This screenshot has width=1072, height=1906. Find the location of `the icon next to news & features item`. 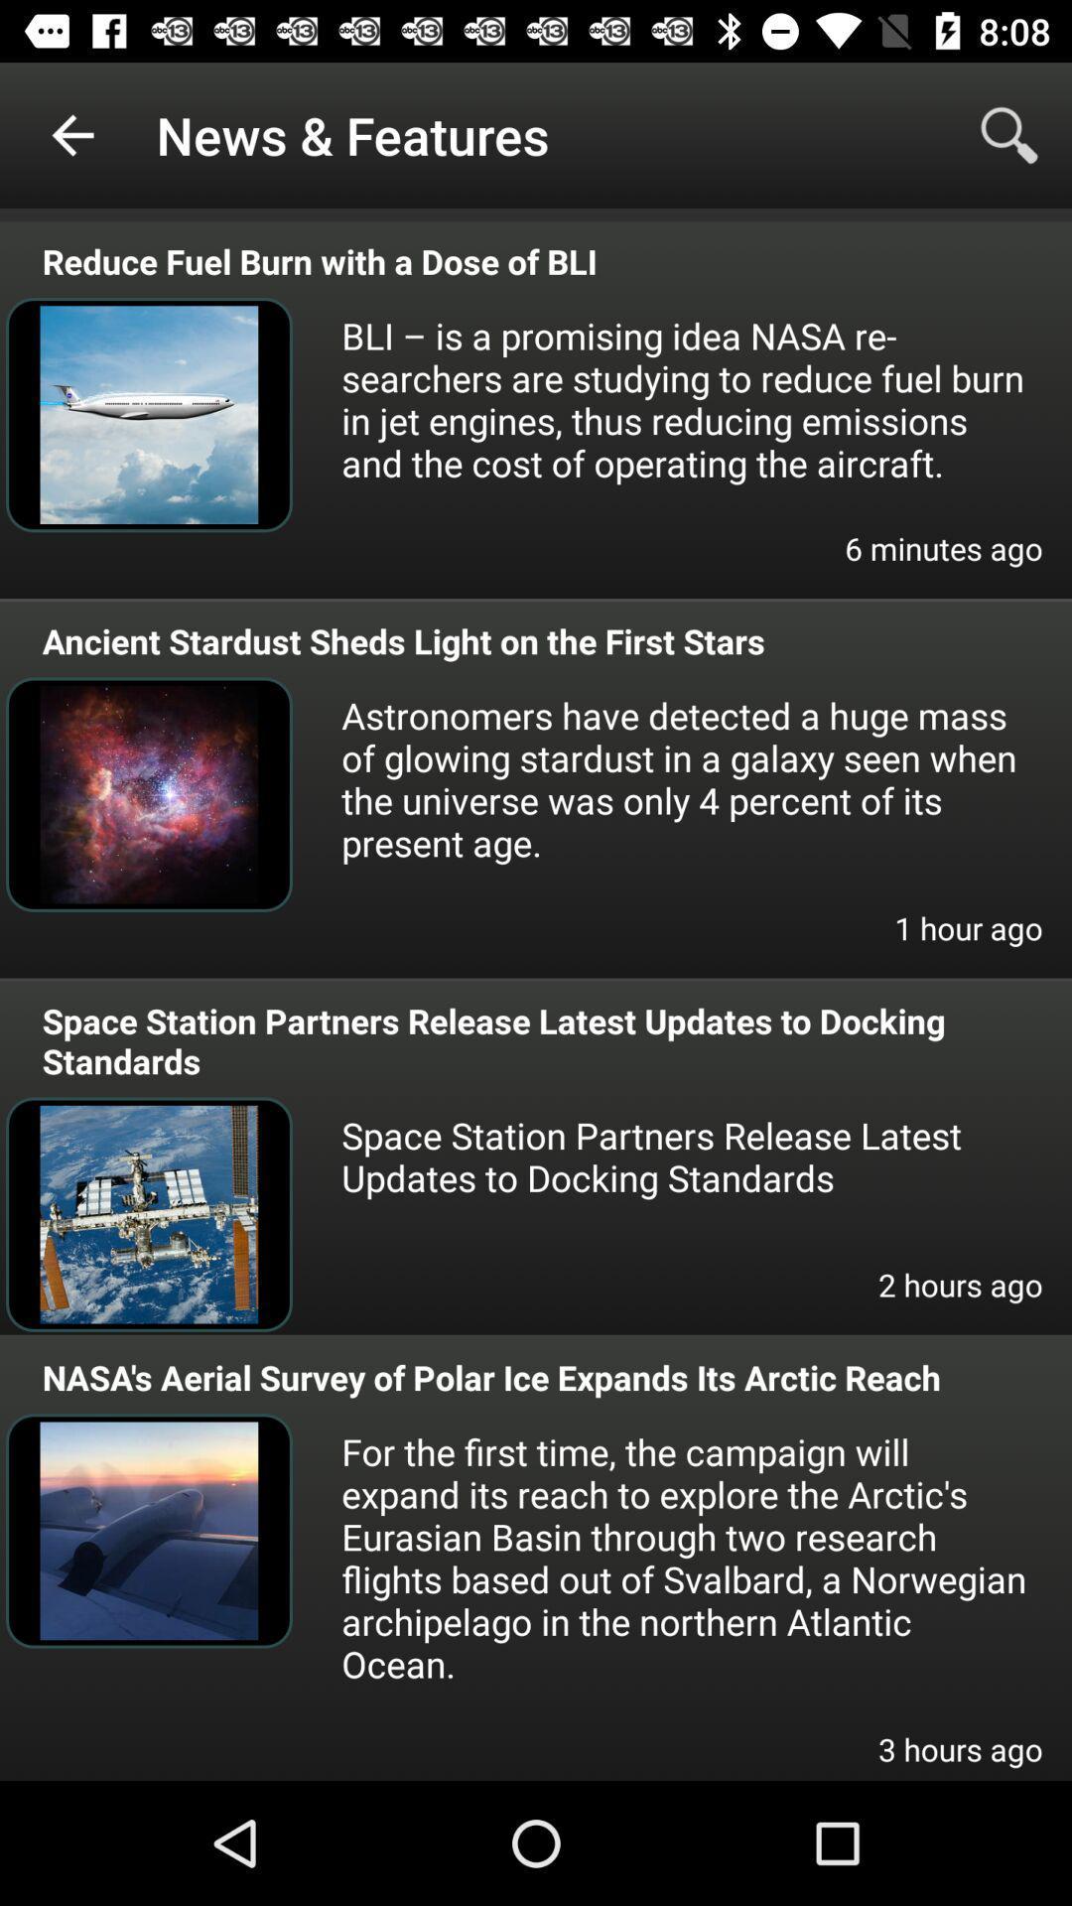

the icon next to news & features item is located at coordinates (71, 134).